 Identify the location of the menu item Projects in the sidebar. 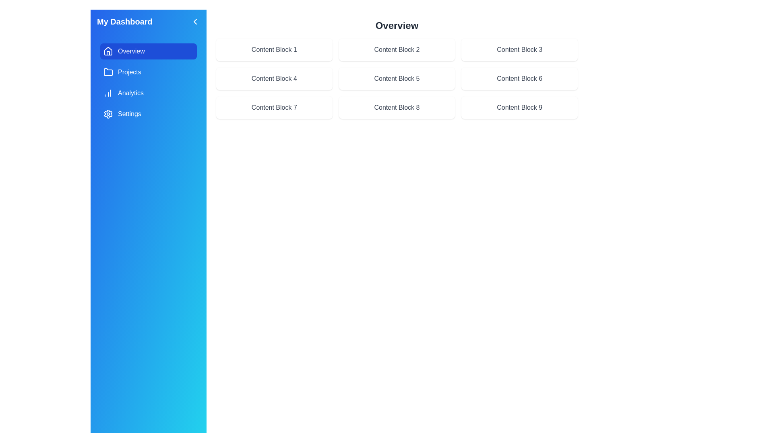
(149, 72).